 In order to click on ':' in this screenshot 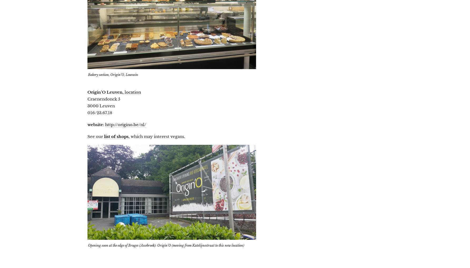, I will do `click(104, 124)`.